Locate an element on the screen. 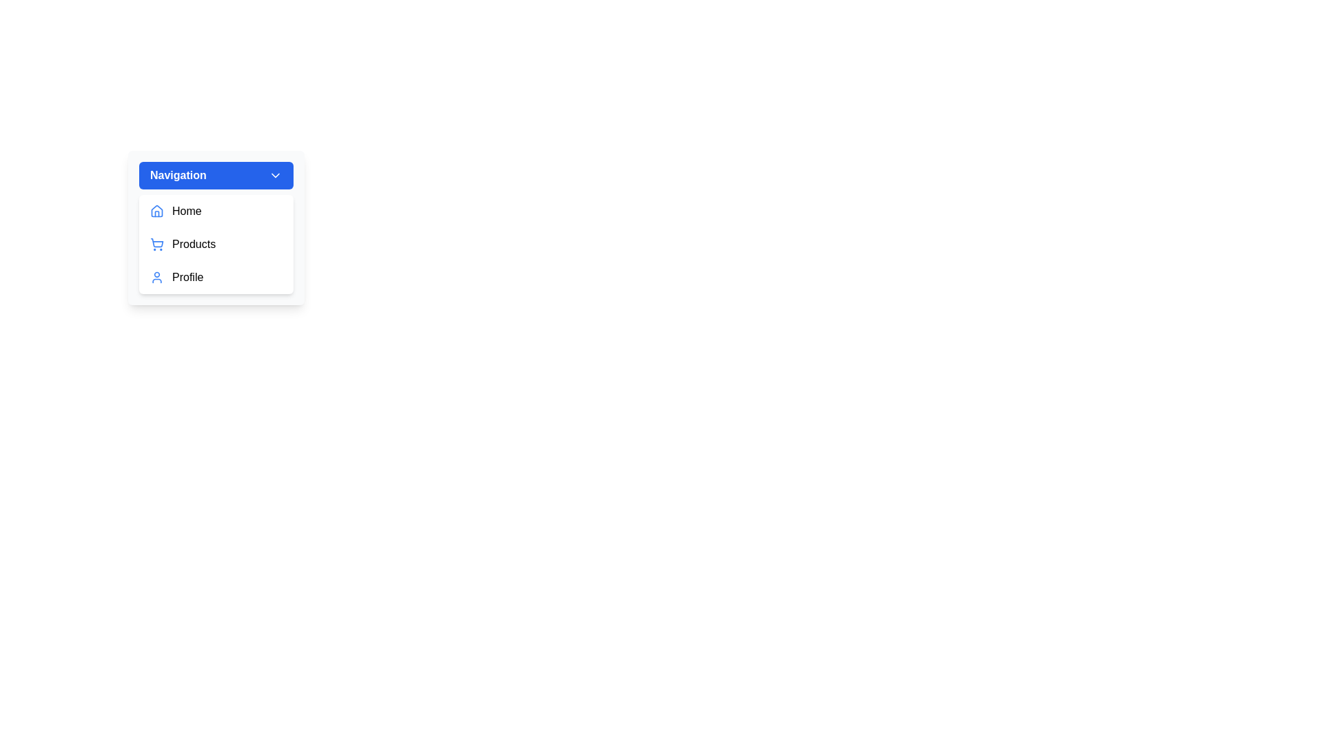 This screenshot has height=744, width=1323. the menu item Profile is located at coordinates (215, 277).